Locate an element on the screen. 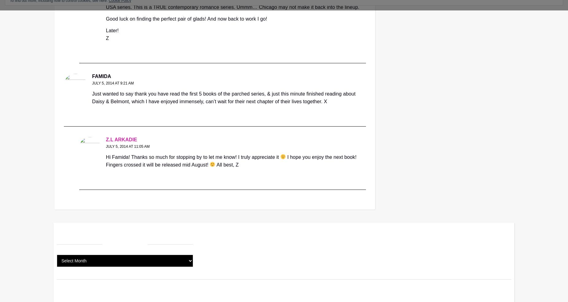 This screenshot has height=302, width=568. 'Hi Famida! Thanks so much for stopping by to let me know! I truly appreciate it' is located at coordinates (193, 157).